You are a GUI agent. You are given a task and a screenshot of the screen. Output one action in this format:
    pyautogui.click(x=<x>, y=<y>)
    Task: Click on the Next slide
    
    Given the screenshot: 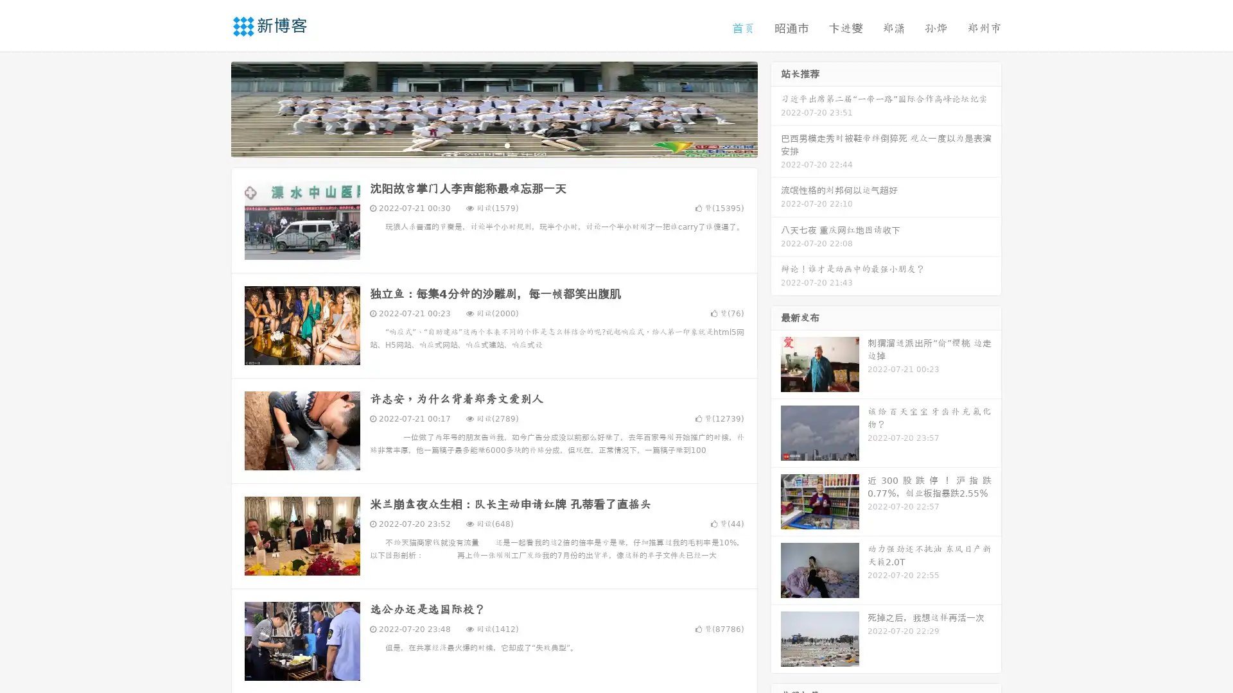 What is the action you would take?
    pyautogui.click(x=776, y=108)
    